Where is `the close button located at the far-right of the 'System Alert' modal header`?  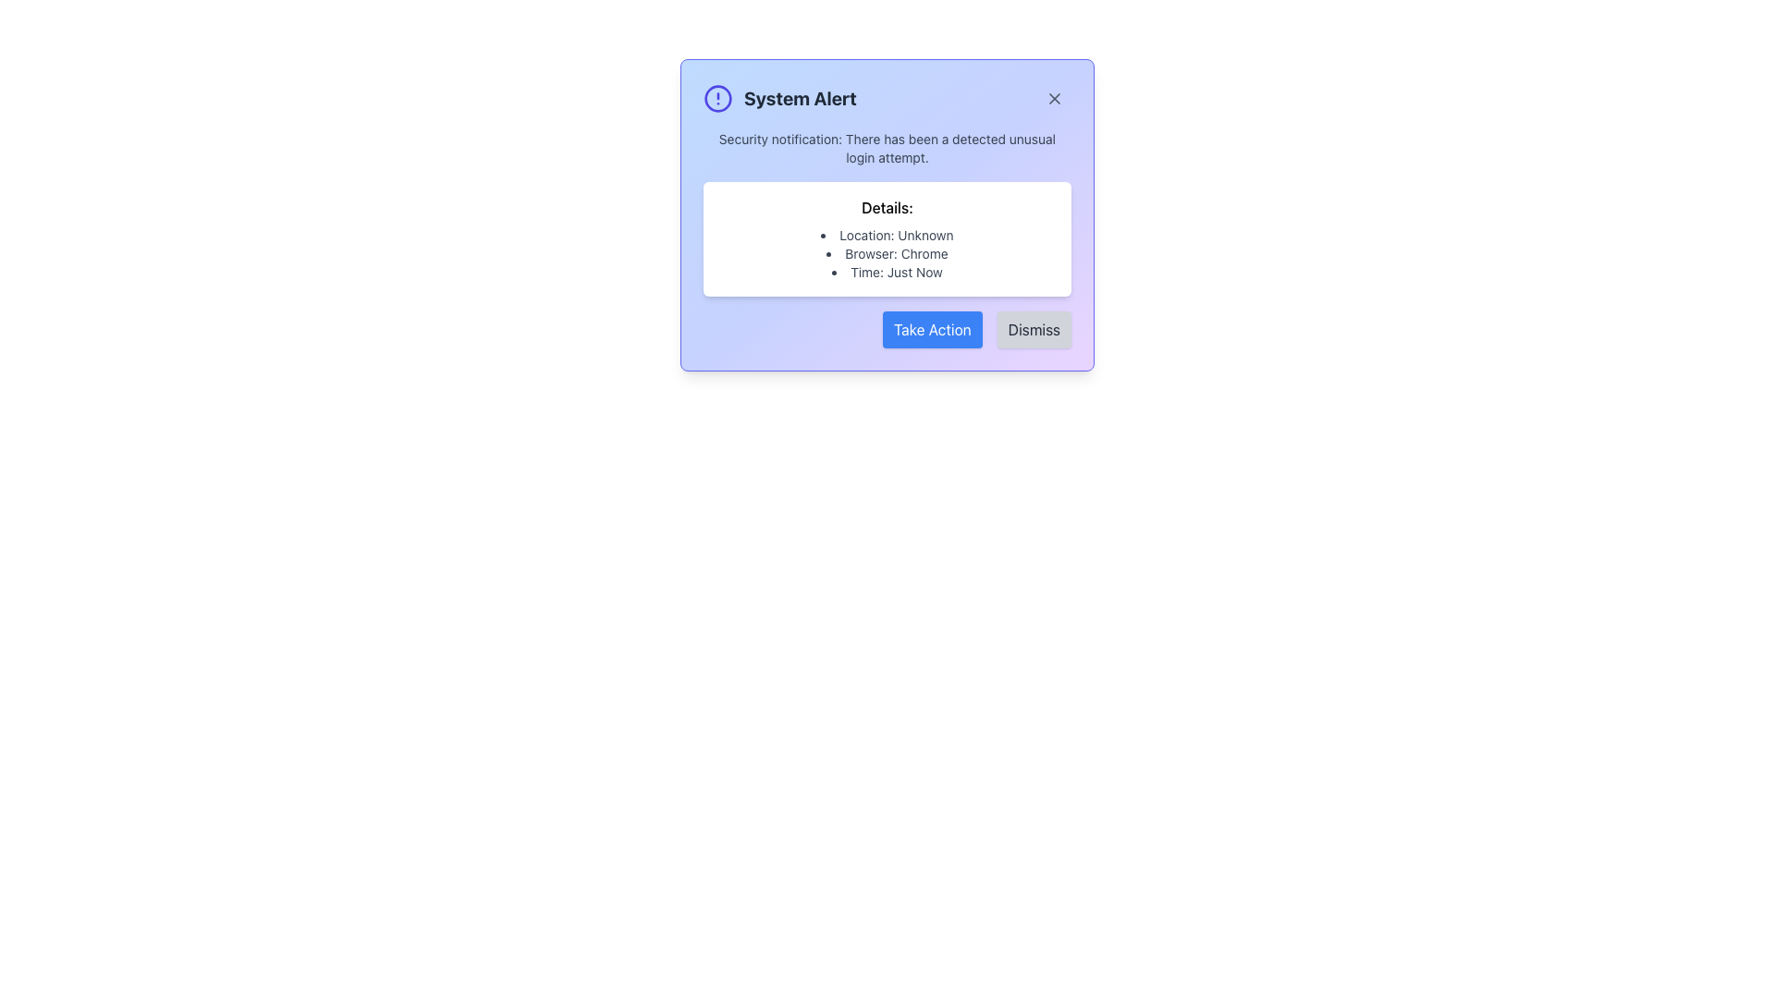
the close button located at the far-right of the 'System Alert' modal header is located at coordinates (1055, 99).